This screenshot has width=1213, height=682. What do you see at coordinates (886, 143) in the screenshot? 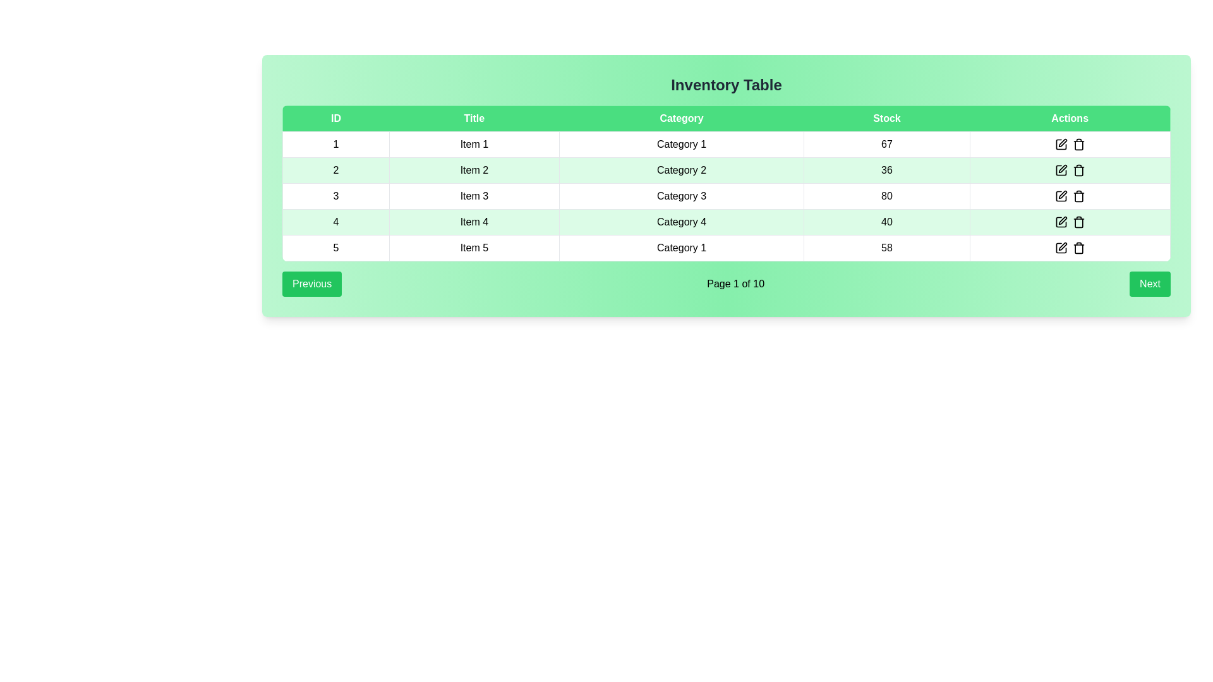
I see `the static text displaying the number '67' located under the 'Stock' column in the row for 'Item 1' and 'Category 1'` at bounding box center [886, 143].